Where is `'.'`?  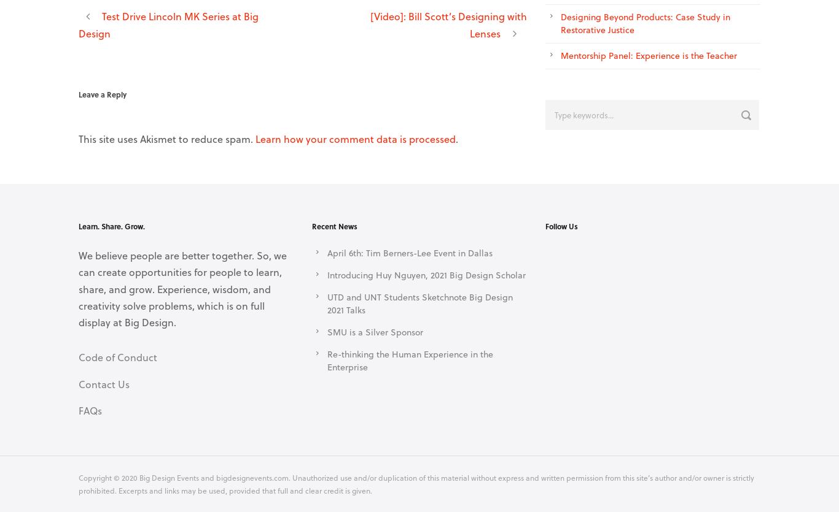
'.' is located at coordinates (456, 138).